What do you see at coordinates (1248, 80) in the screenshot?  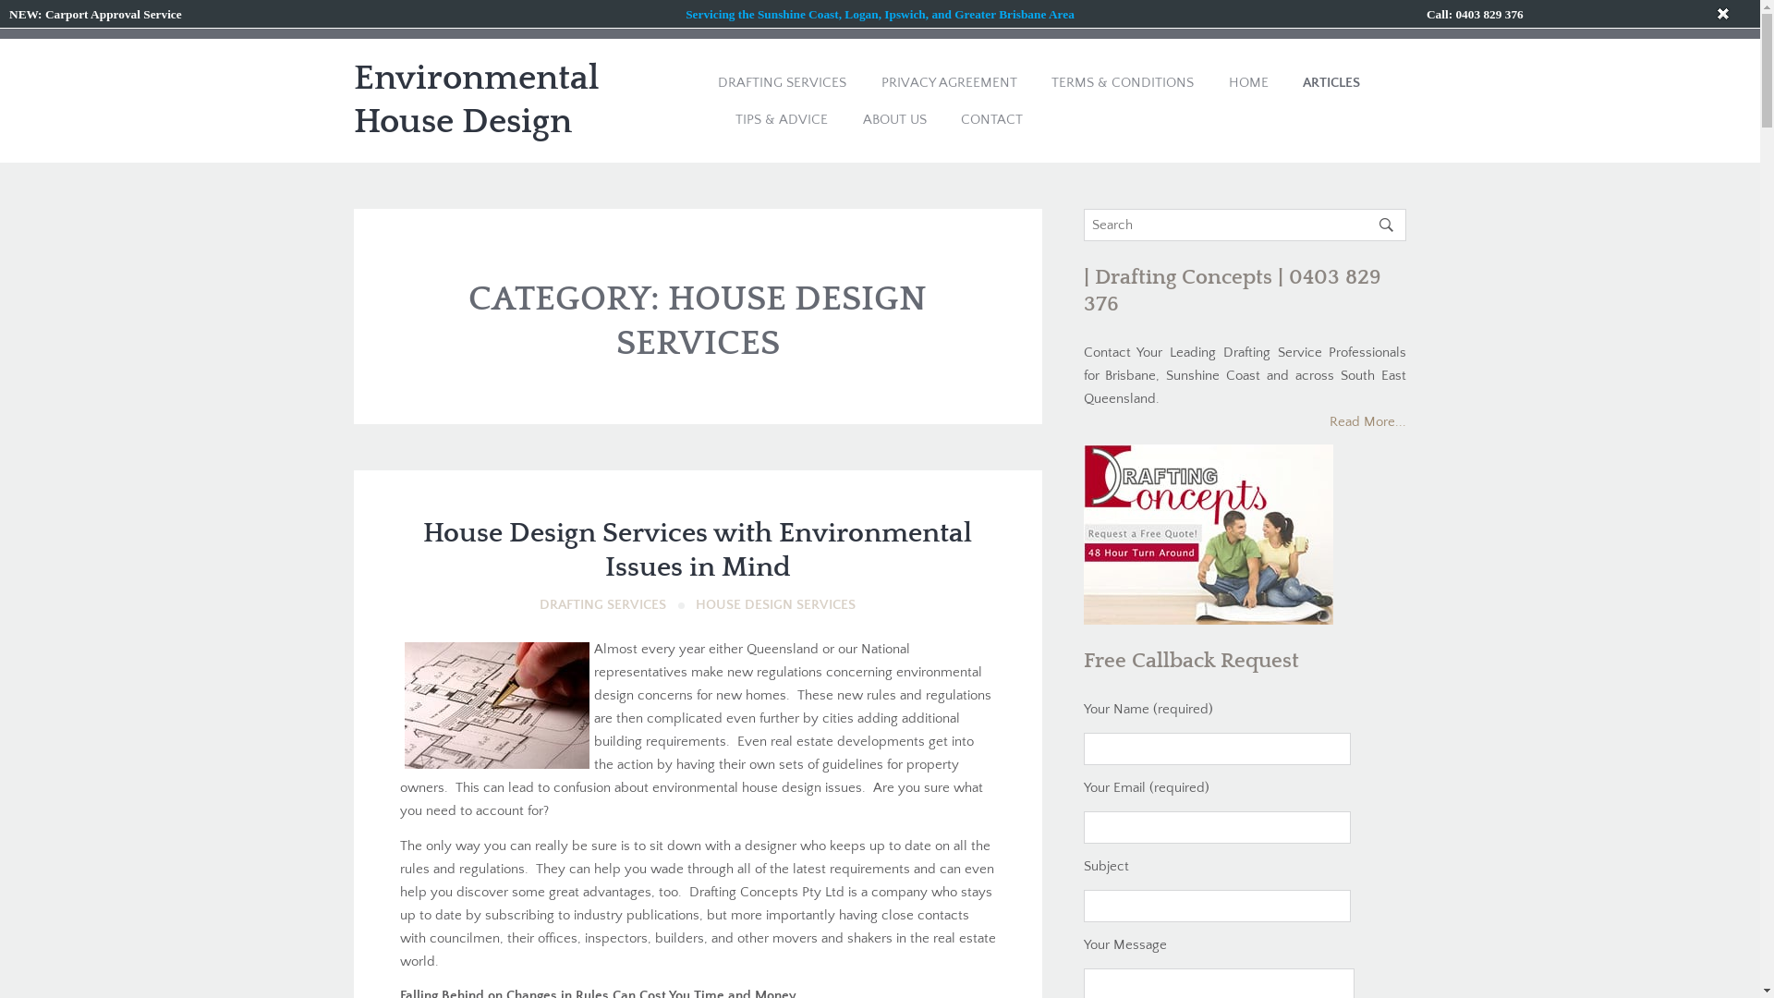 I see `'HOME'` at bounding box center [1248, 80].